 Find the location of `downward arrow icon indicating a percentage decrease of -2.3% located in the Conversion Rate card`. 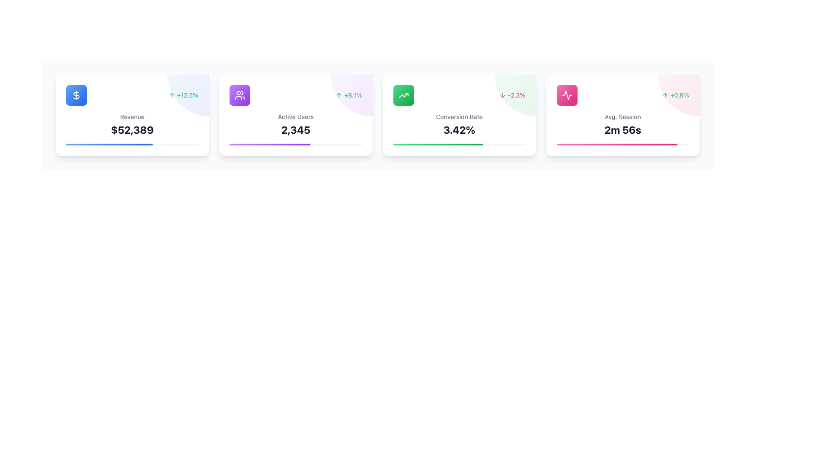

downward arrow icon indicating a percentage decrease of -2.3% located in the Conversion Rate card is located at coordinates (502, 95).